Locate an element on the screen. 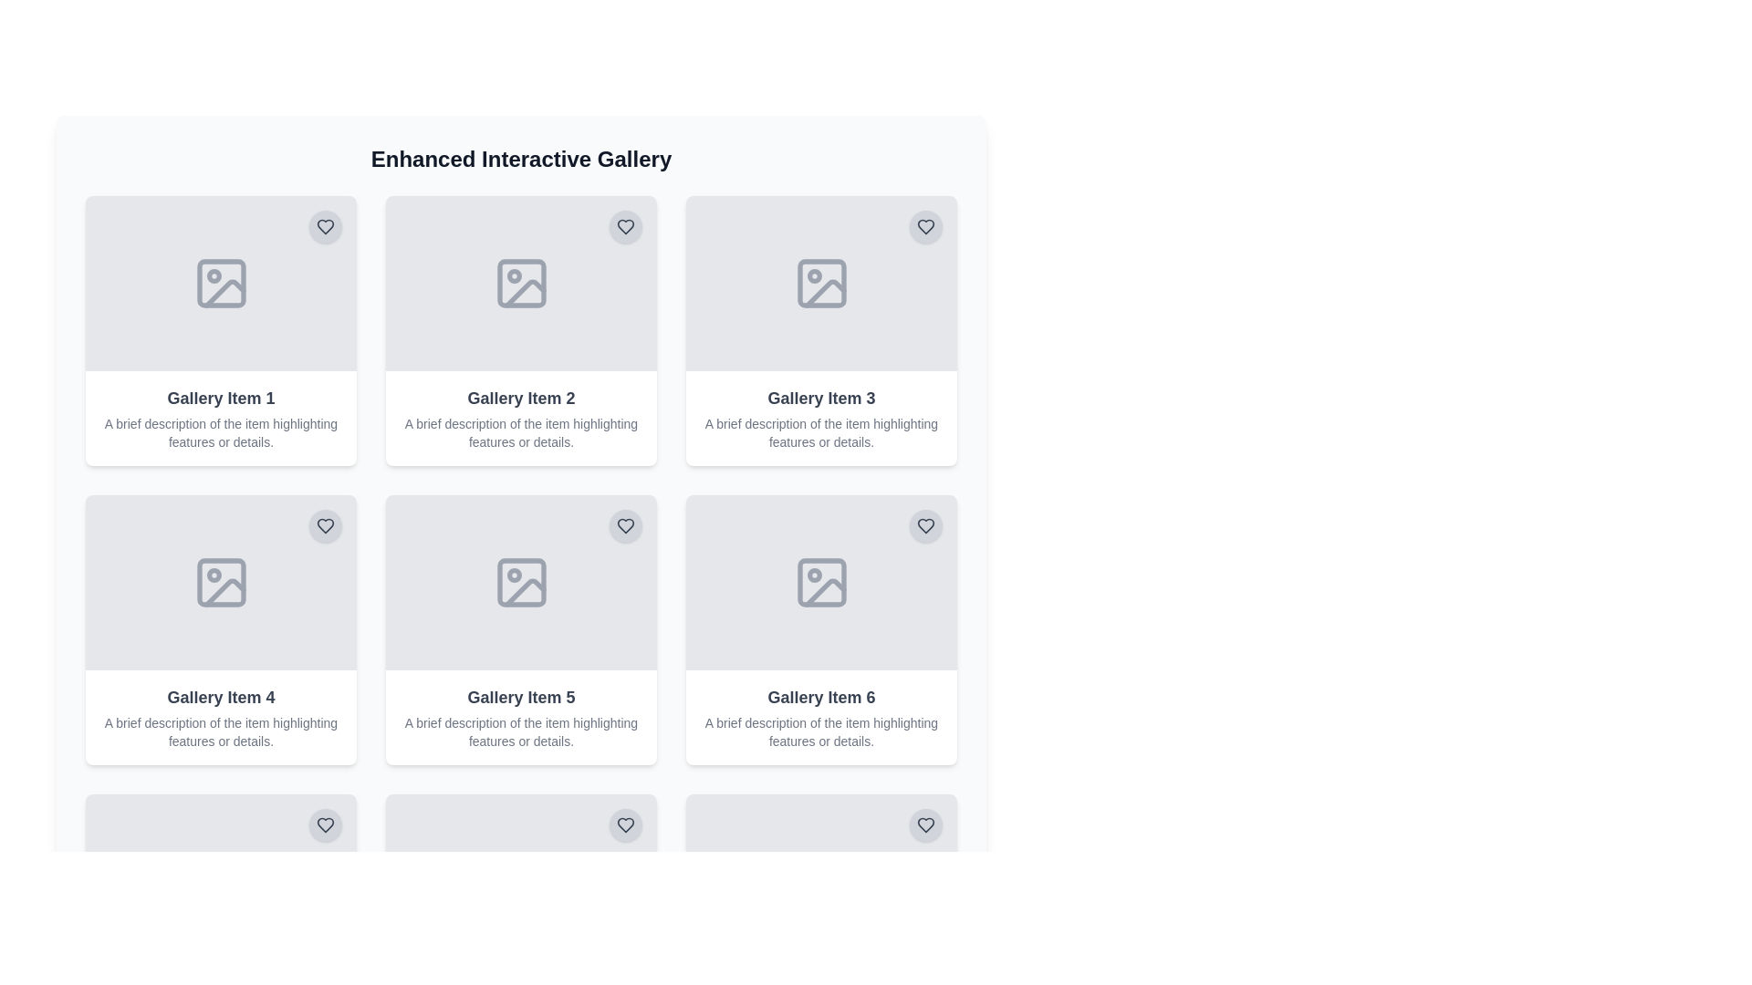 The image size is (1752, 985). the header text element located at the bottom right of the gallery layout, specifically in the third column and second row, which serves as a heading for a gallery item is located at coordinates (820, 697).